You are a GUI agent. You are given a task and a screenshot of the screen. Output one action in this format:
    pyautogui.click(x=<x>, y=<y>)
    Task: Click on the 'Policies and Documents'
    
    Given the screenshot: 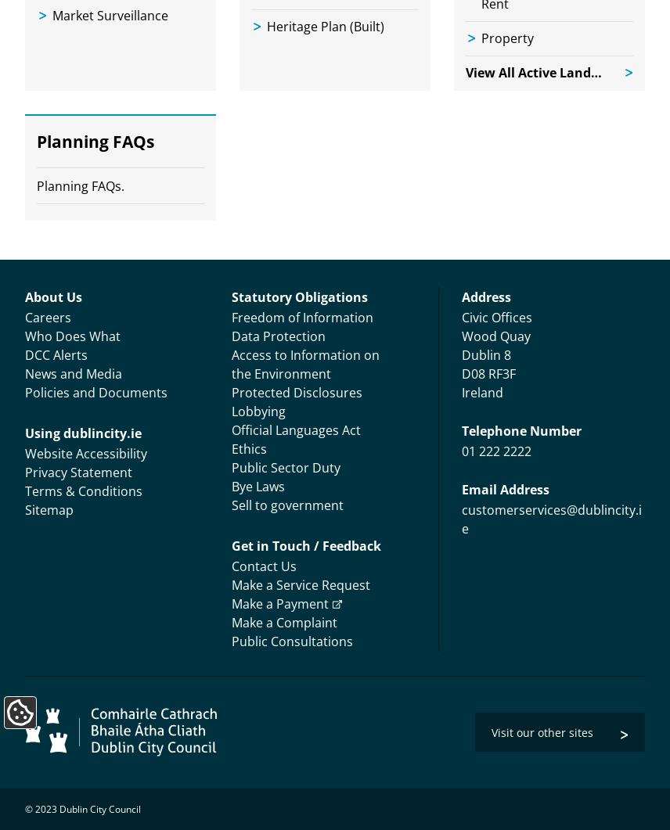 What is the action you would take?
    pyautogui.click(x=95, y=392)
    